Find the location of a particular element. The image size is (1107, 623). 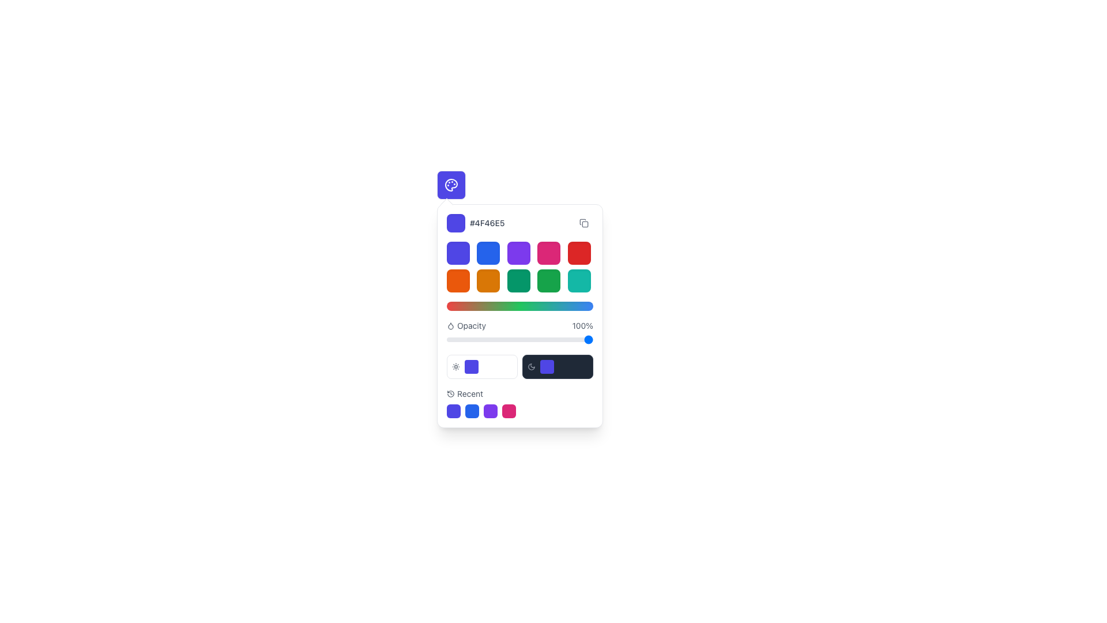

the interactive color selection button located in the second row and third column of the grid layout is located at coordinates (518, 280).